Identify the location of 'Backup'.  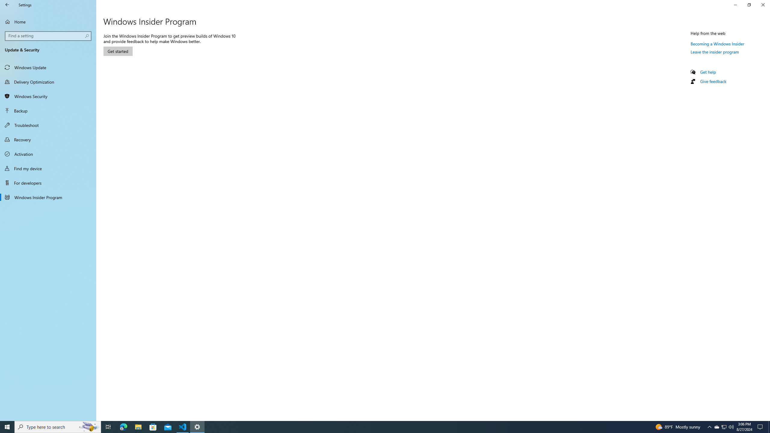
(48, 110).